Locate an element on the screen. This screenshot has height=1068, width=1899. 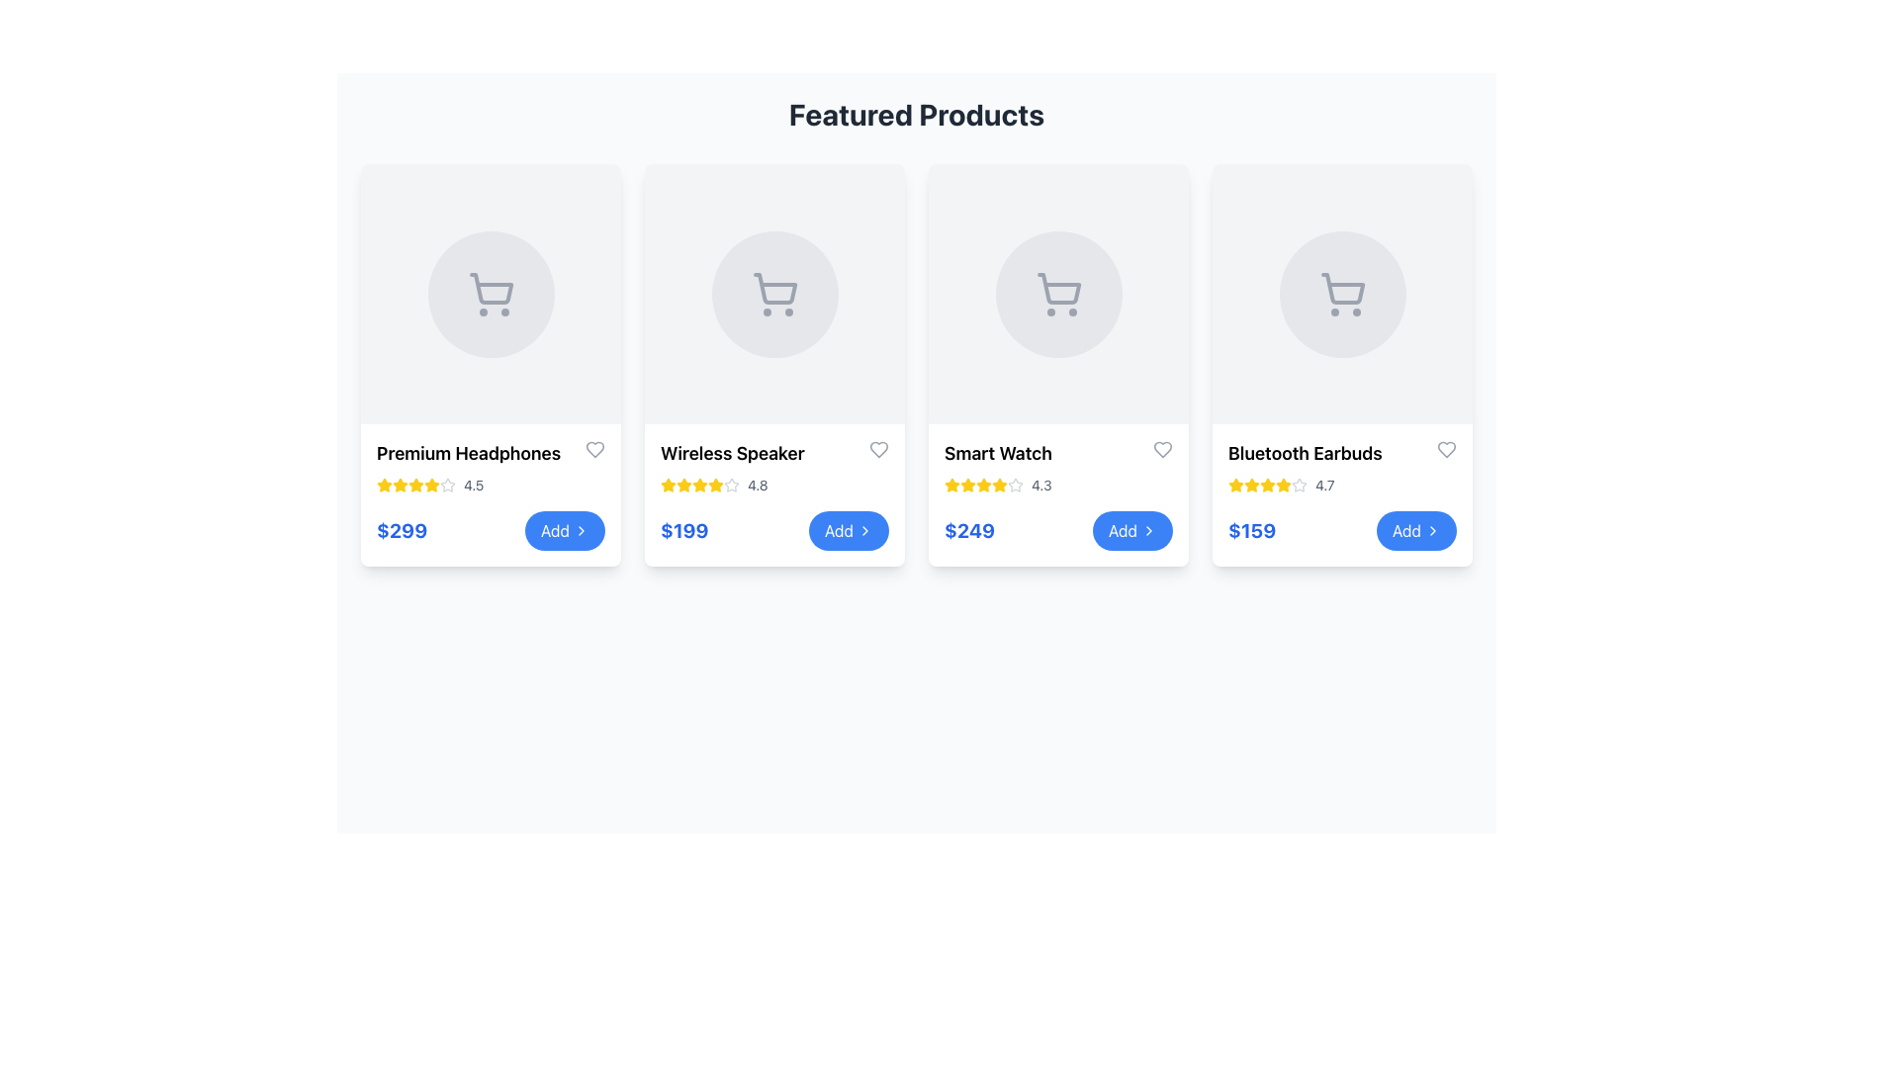
the text label displaying 'Bluetooth Earbuds' located at the top of the fourth product card in the 'Featured Products' section is located at coordinates (1342, 454).